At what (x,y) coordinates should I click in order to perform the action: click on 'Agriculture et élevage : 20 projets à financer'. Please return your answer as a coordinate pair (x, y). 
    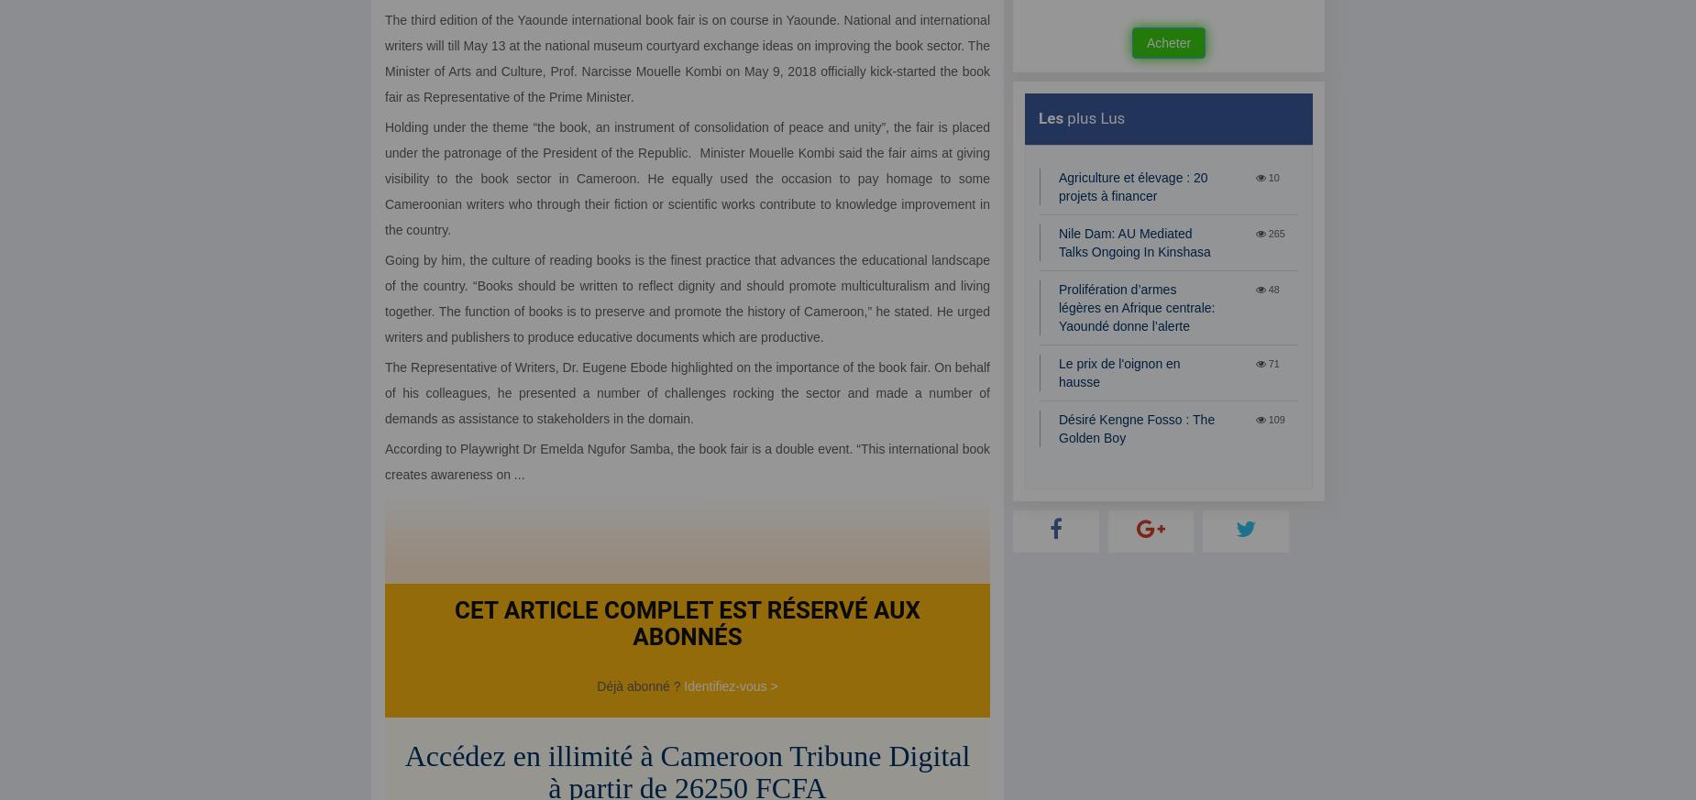
    Looking at the image, I should click on (1131, 186).